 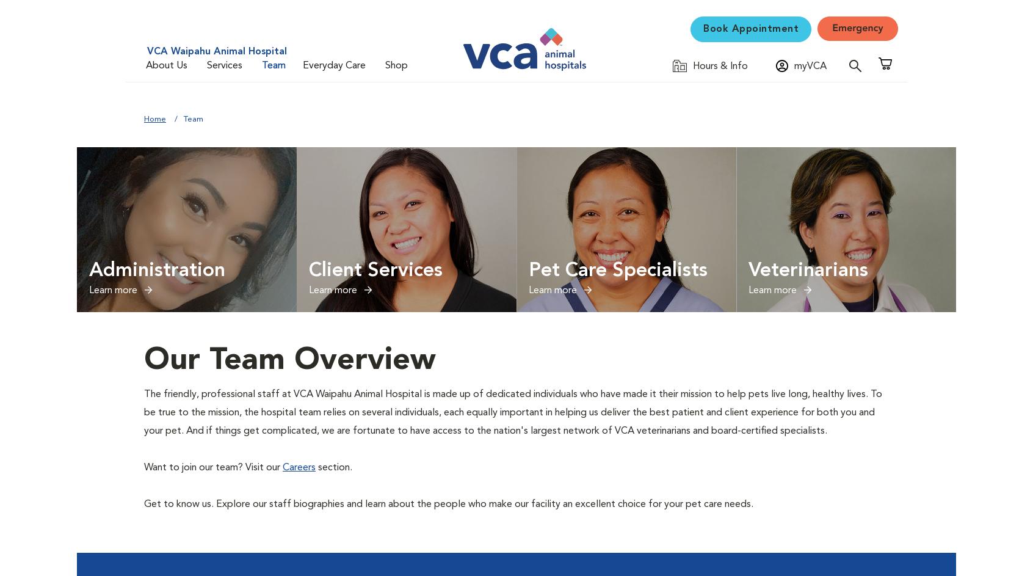 I want to click on 'About Us', so click(x=166, y=65).